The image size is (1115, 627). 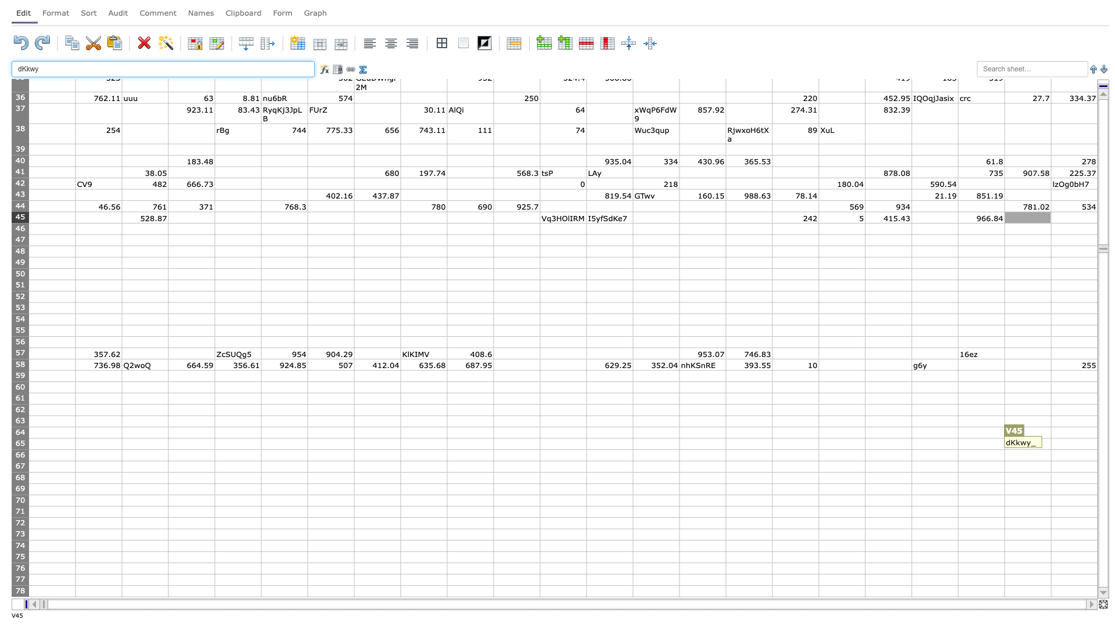 I want to click on Fill point of cell C66, so click(x=167, y=460).